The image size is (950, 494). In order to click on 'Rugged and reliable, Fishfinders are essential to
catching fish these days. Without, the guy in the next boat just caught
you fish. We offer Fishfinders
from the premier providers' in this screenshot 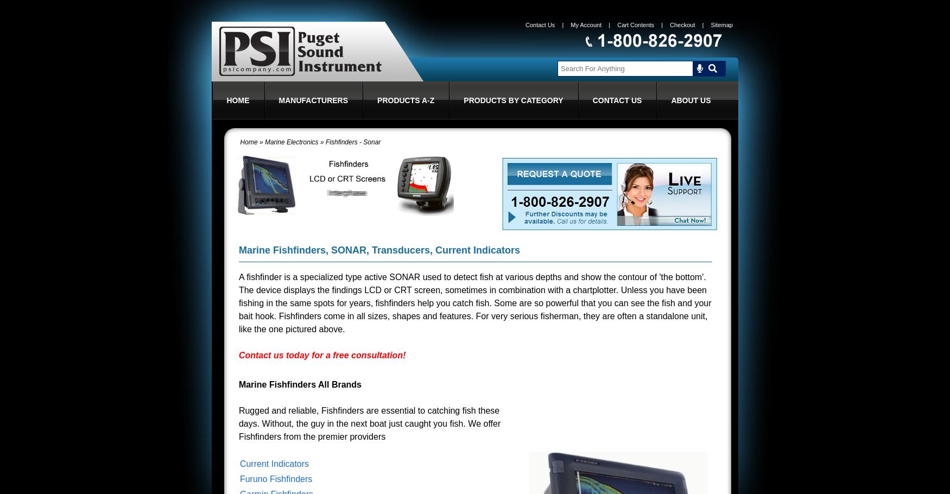, I will do `click(369, 423)`.